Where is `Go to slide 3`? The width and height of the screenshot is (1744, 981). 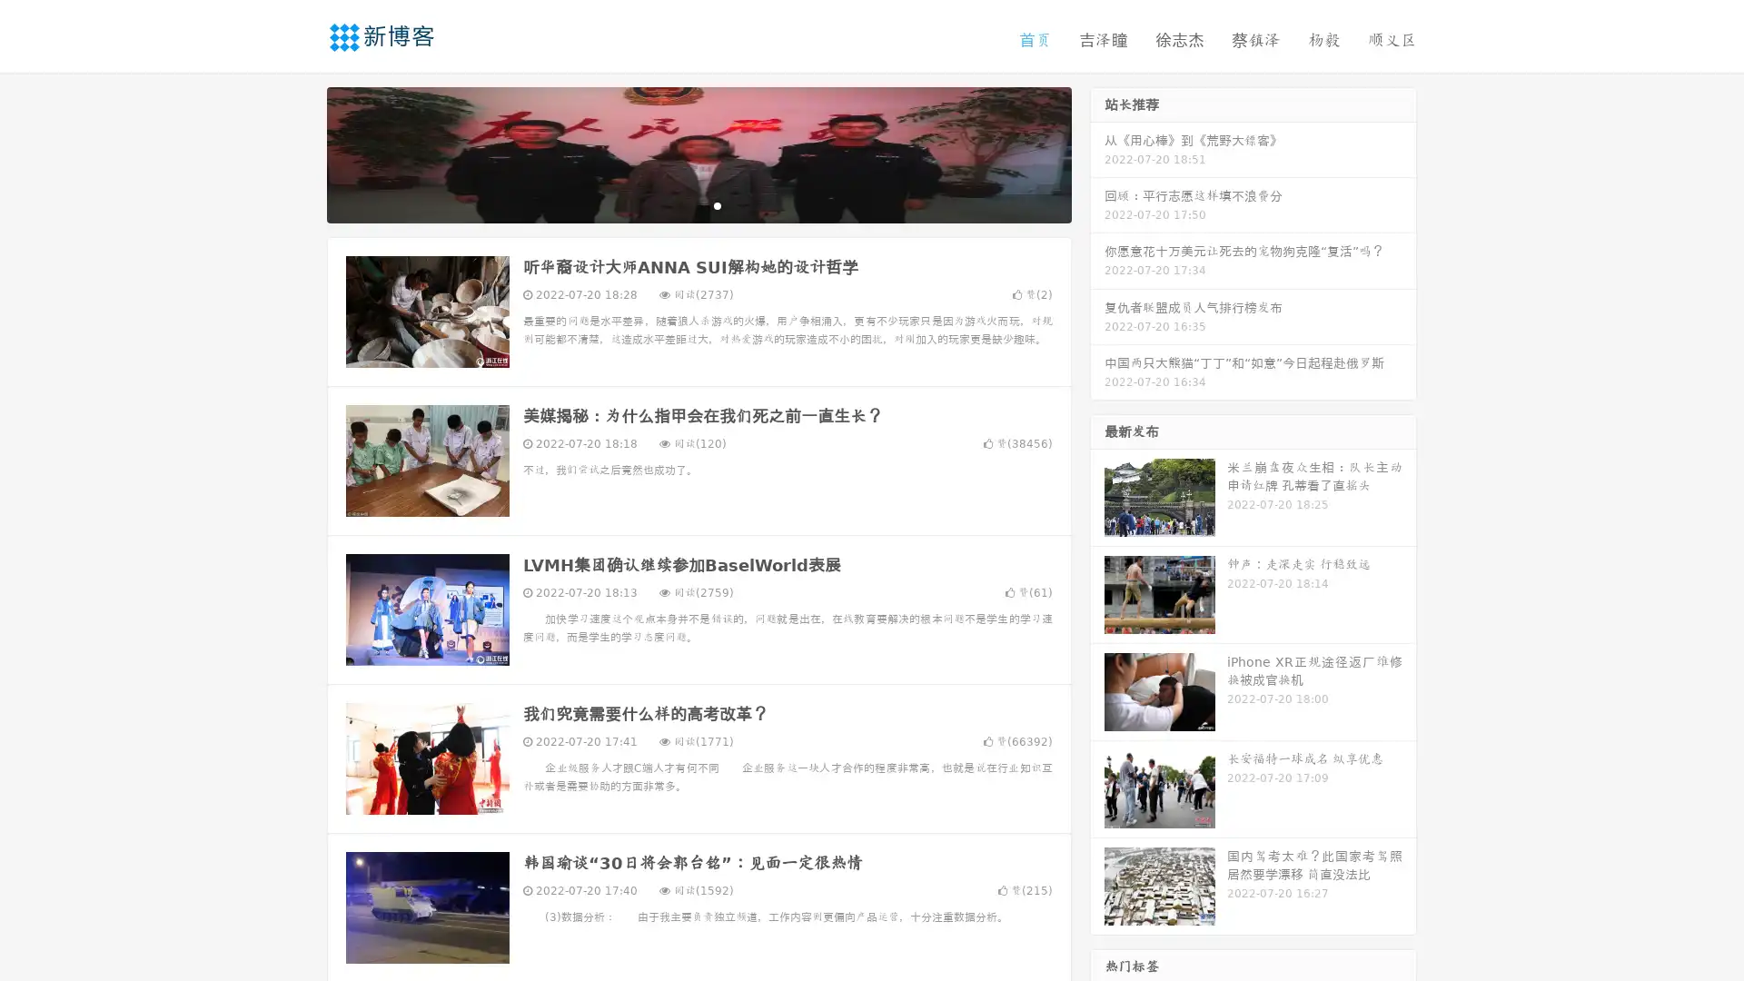
Go to slide 3 is located at coordinates (717, 204).